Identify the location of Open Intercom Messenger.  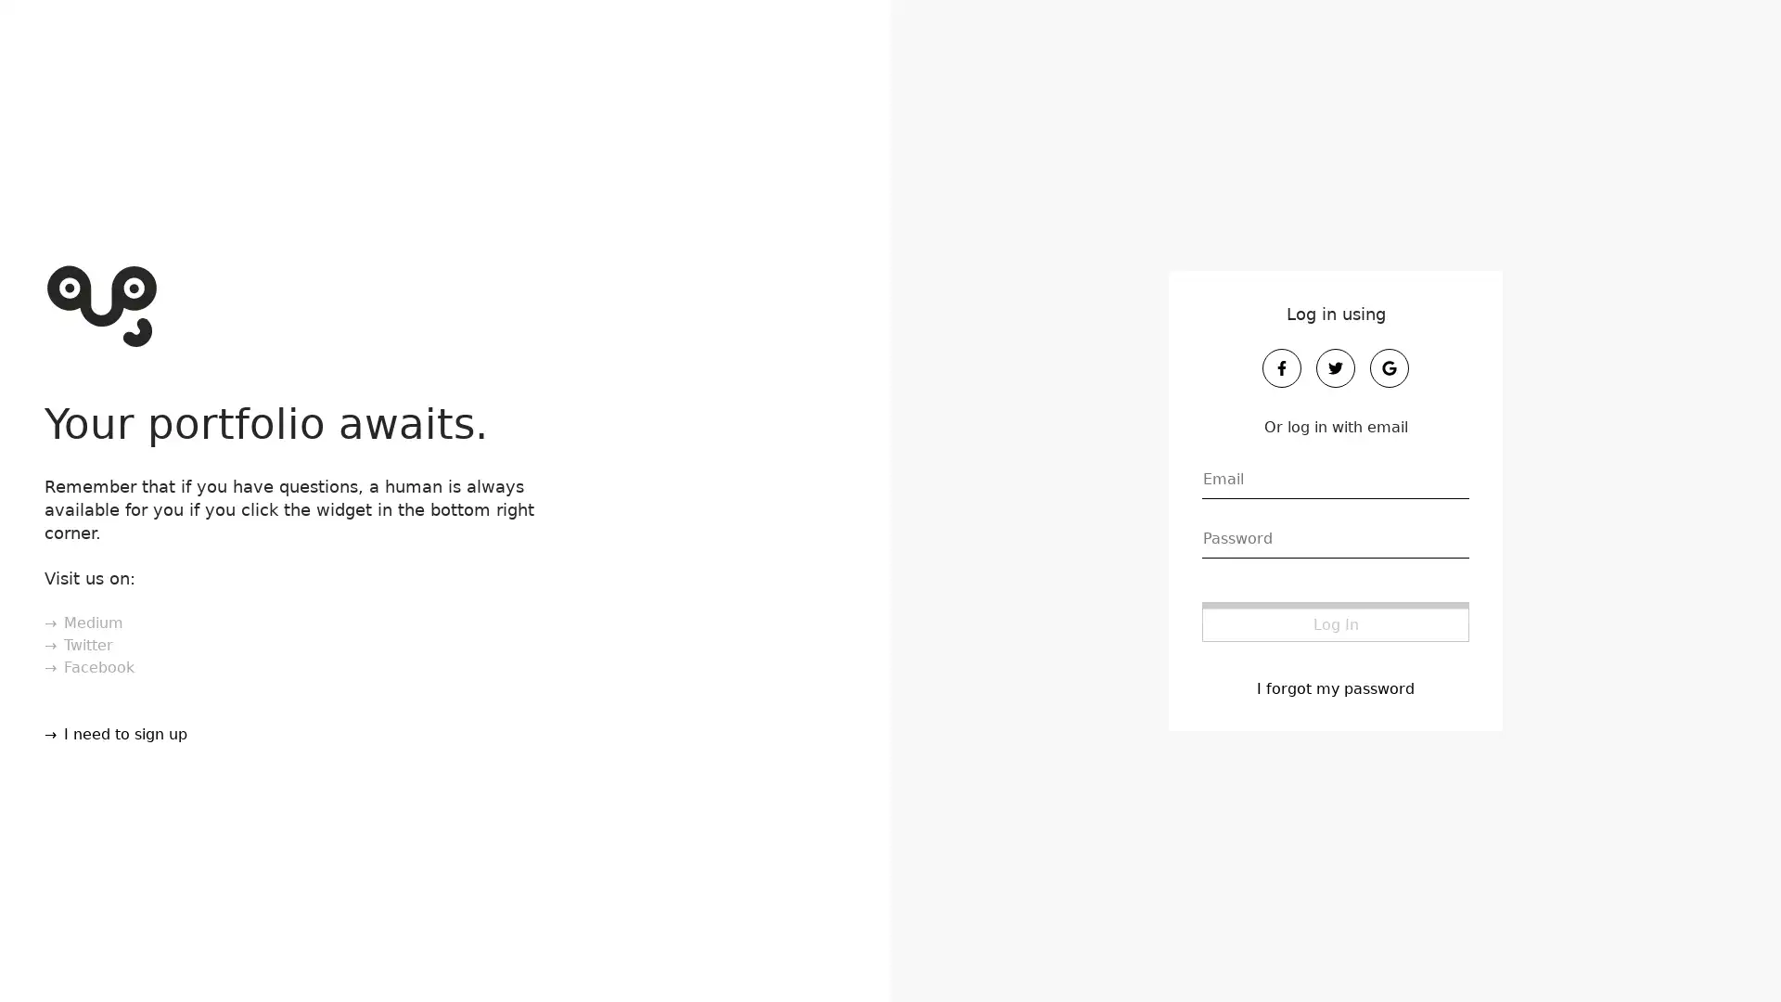
(1734, 955).